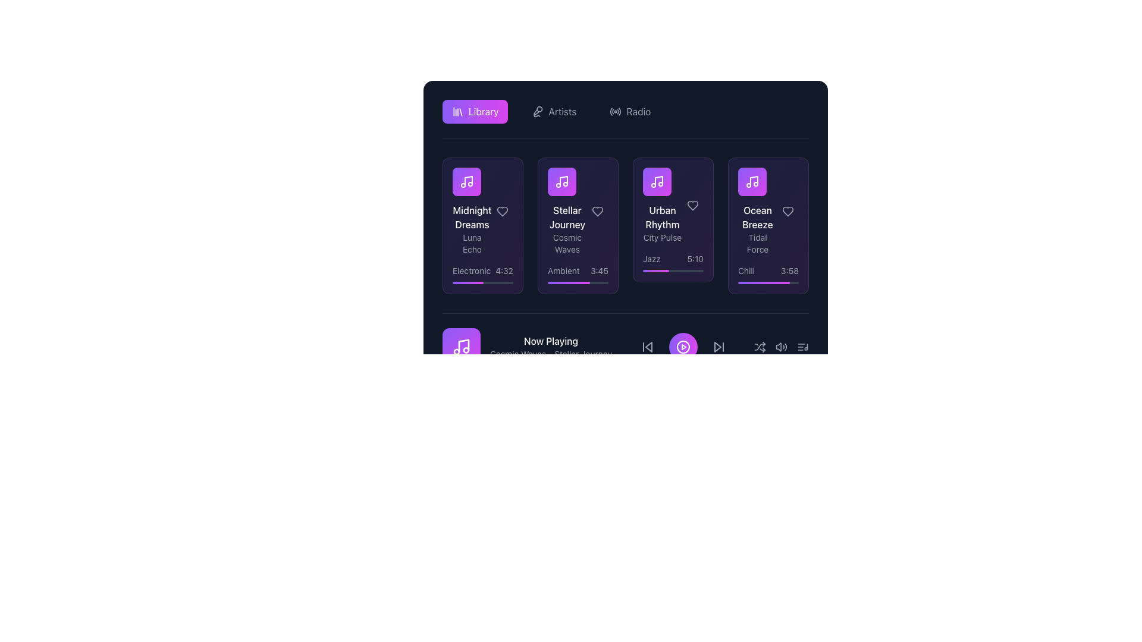 The image size is (1142, 642). I want to click on the circular play button with a gradient background and white outline located at the bottom center of the interface, so click(683, 347).